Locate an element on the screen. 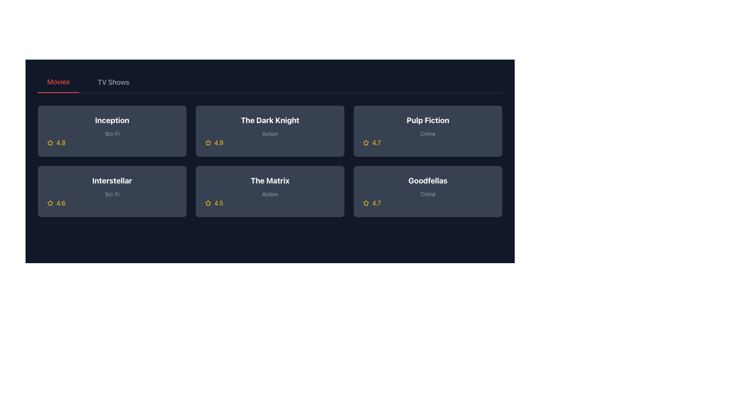 The height and width of the screenshot is (418, 743). the text label displaying the word 'Crime,' which is located beneath the title of the movie 'Pulp Fiction' in a grid layout is located at coordinates (427, 133).